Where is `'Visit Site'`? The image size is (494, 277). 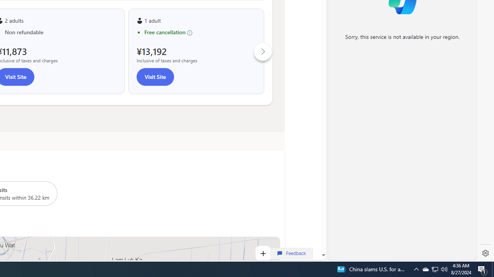
'Visit Site' is located at coordinates (154, 77).